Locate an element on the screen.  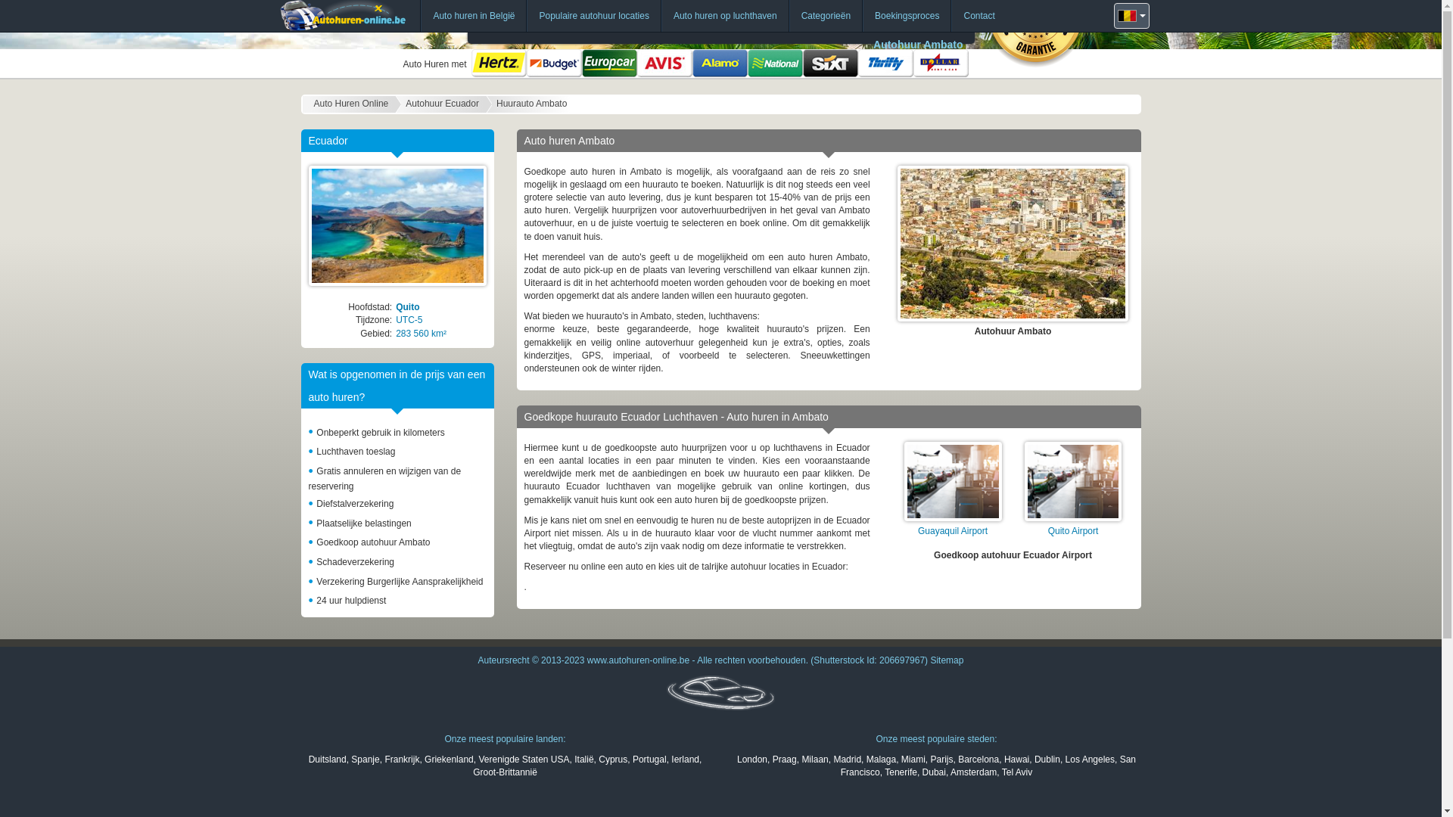
'Verenigde Staten USA' is located at coordinates (523, 759).